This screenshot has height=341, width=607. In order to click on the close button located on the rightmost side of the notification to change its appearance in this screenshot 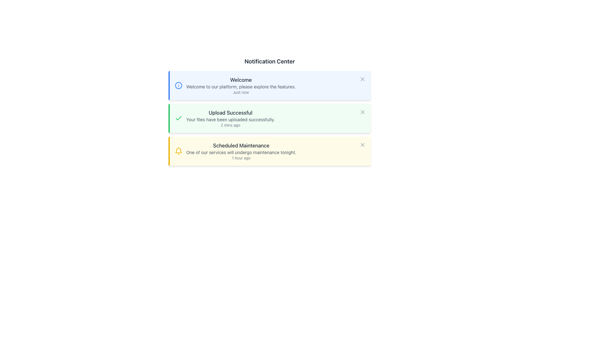, I will do `click(363, 79)`.